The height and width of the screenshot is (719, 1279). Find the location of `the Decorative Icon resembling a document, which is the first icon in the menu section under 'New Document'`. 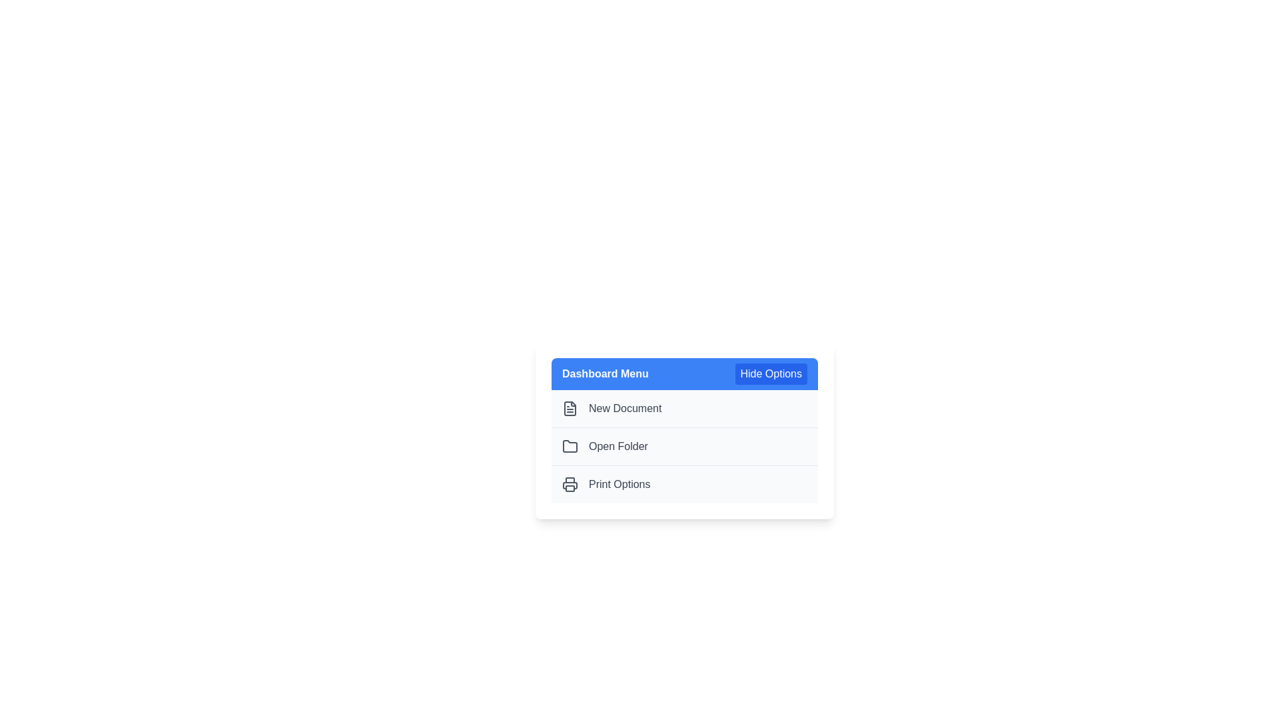

the Decorative Icon resembling a document, which is the first icon in the menu section under 'New Document' is located at coordinates (570, 407).